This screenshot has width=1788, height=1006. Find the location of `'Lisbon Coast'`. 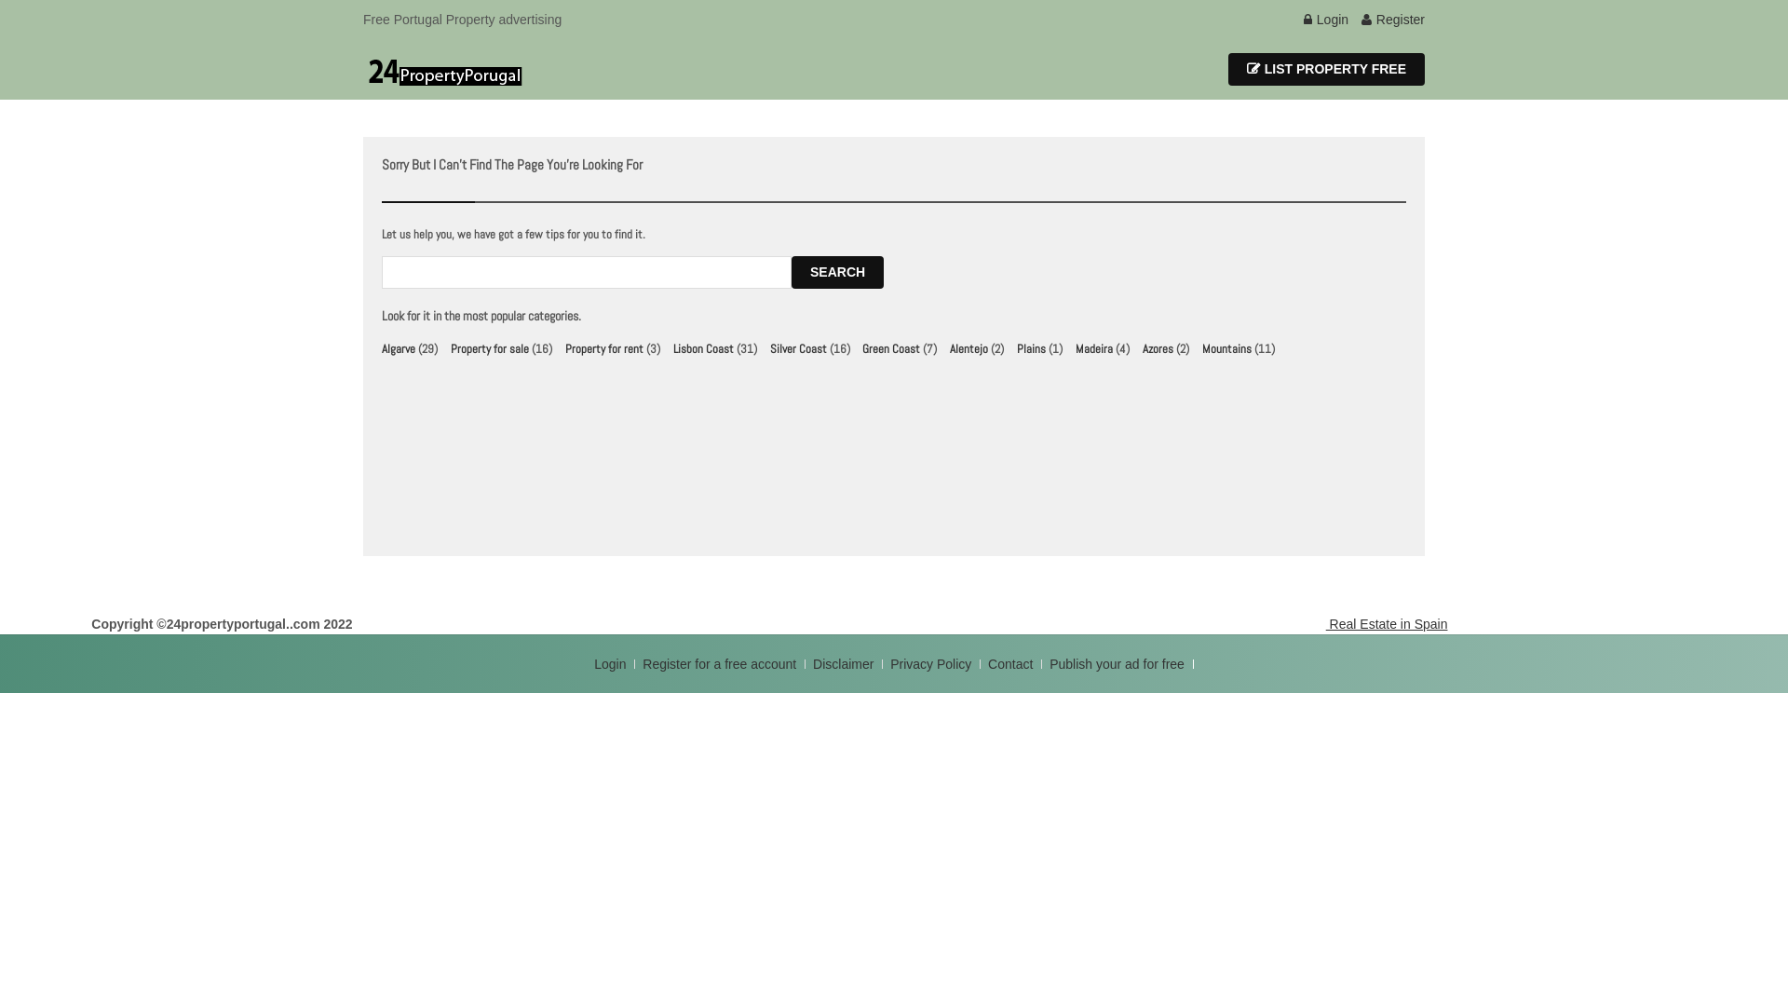

'Lisbon Coast' is located at coordinates (702, 348).